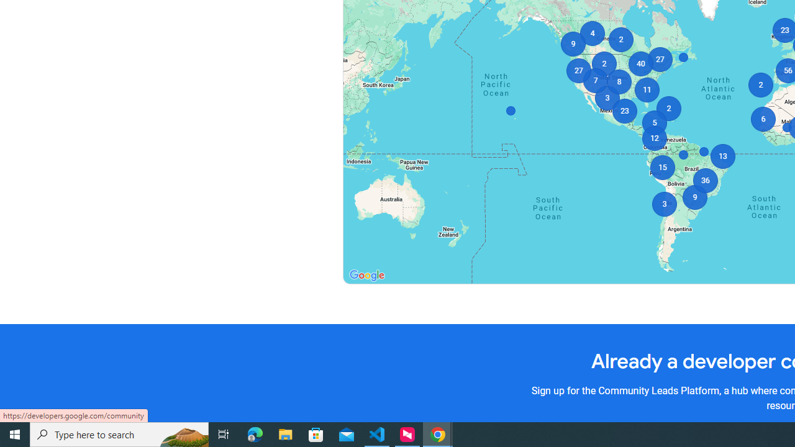 Image resolution: width=795 pixels, height=447 pixels. What do you see at coordinates (653, 123) in the screenshot?
I see `'5'` at bounding box center [653, 123].